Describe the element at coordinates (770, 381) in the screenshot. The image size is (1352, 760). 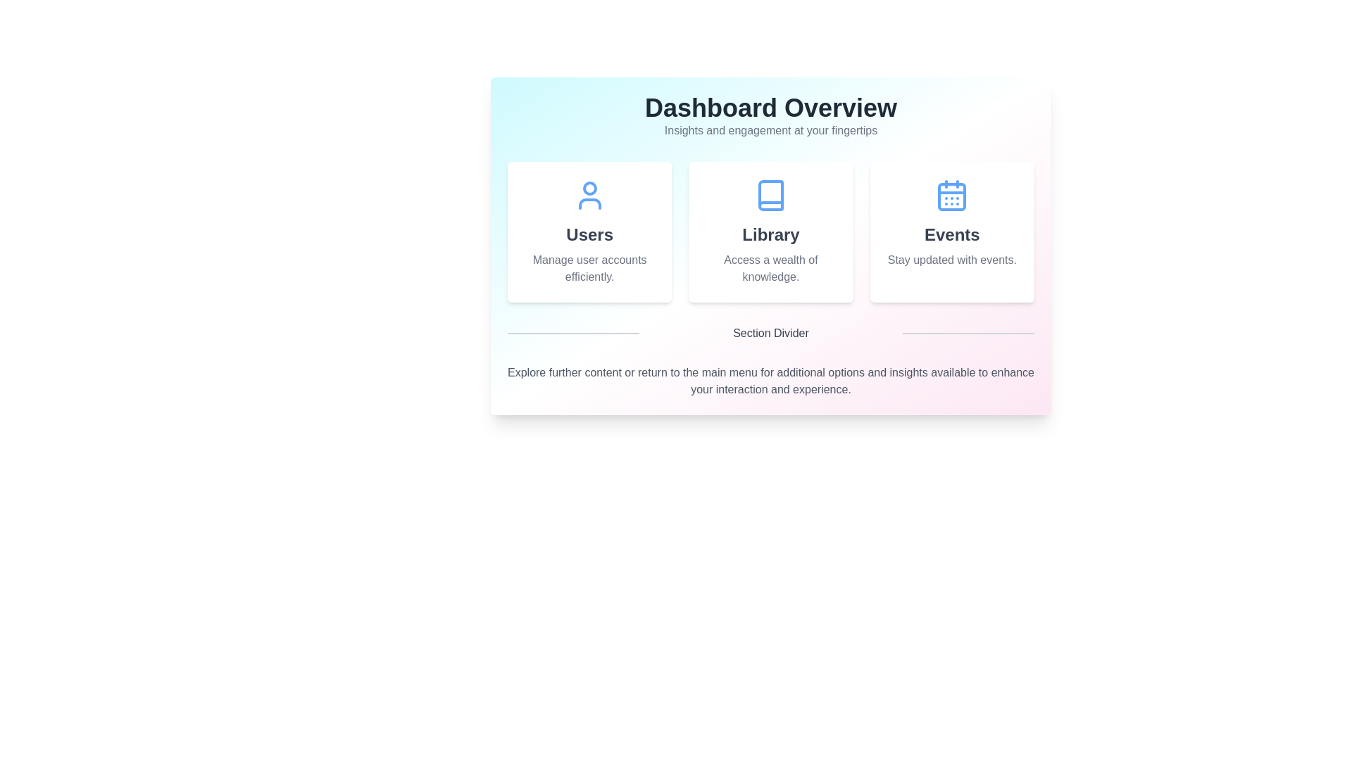
I see `the text content that reads 'Explore further content or return to the main menu for additional options and insights available to enhance your interaction and experience.', which is styled in a light text shade and located below the 'Section Divider' text` at that location.